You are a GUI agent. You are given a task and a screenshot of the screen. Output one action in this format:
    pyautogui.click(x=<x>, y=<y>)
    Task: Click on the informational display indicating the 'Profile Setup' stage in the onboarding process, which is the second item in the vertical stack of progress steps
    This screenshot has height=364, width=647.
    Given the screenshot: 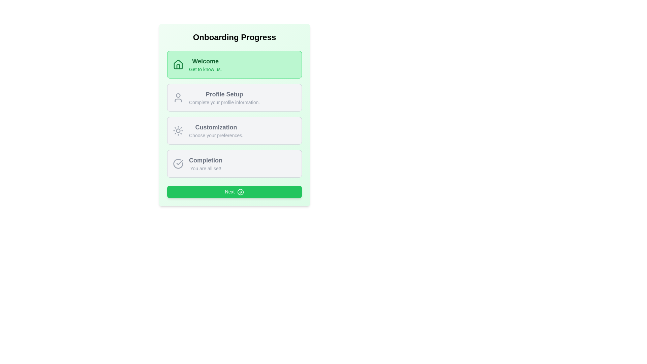 What is the action you would take?
    pyautogui.click(x=224, y=97)
    